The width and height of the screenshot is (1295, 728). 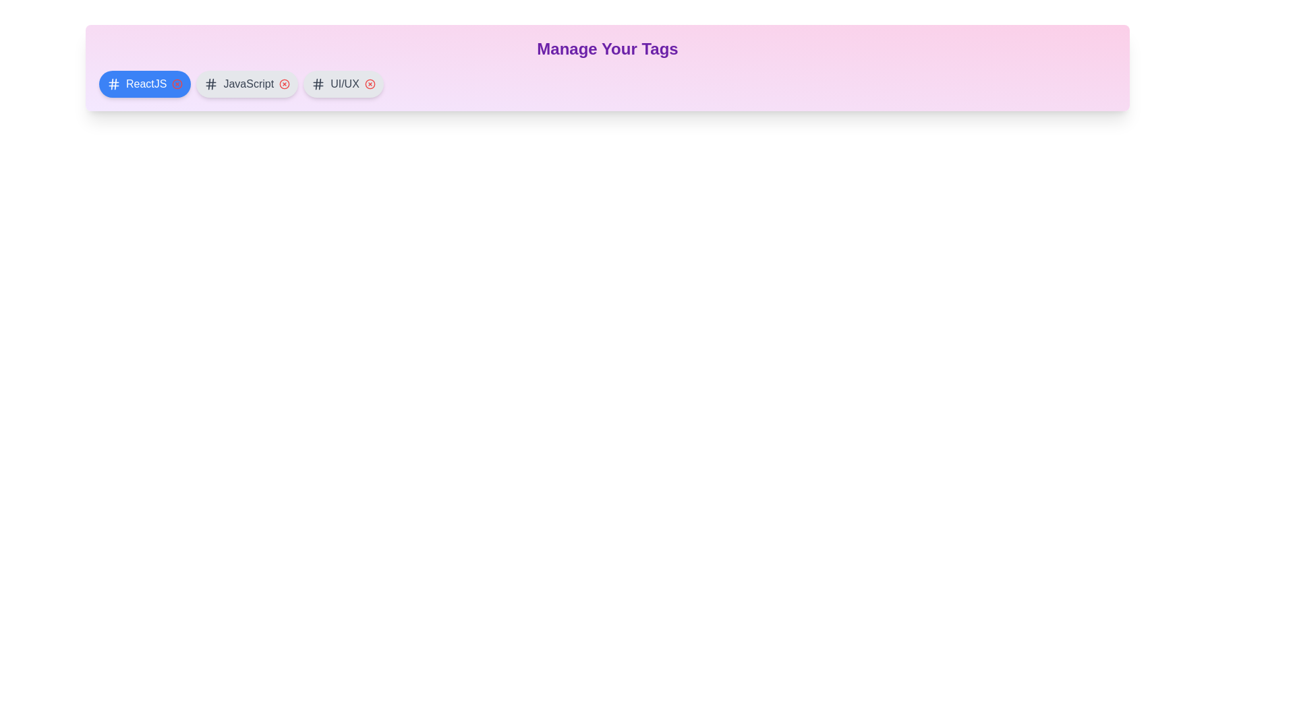 I want to click on the tag labeled 'UI/UX', so click(x=343, y=84).